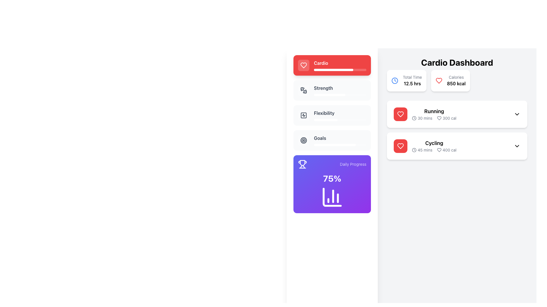 The width and height of the screenshot is (547, 307). I want to click on the red heart shape icon representing the favorite or love action, which is located in the navigation menu above the 'Cardio' text and progress bar, so click(400, 114).